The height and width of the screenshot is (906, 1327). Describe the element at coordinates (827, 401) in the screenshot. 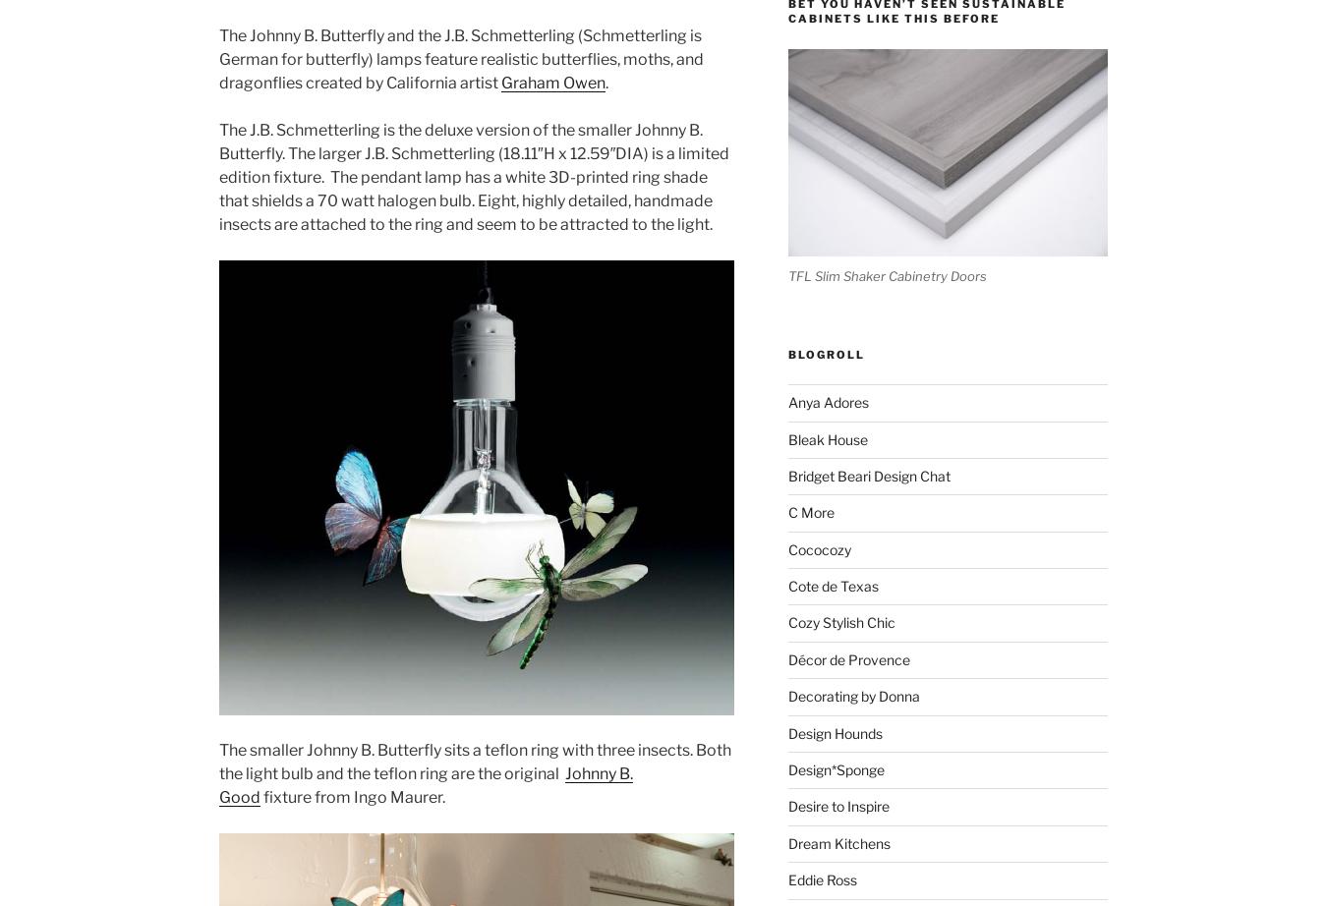

I see `'Anya Adores'` at that location.